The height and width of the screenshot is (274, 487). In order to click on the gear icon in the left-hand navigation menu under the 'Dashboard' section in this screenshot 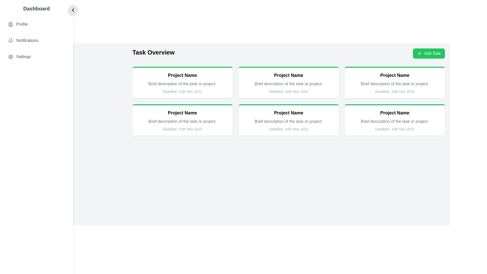, I will do `click(11, 57)`.